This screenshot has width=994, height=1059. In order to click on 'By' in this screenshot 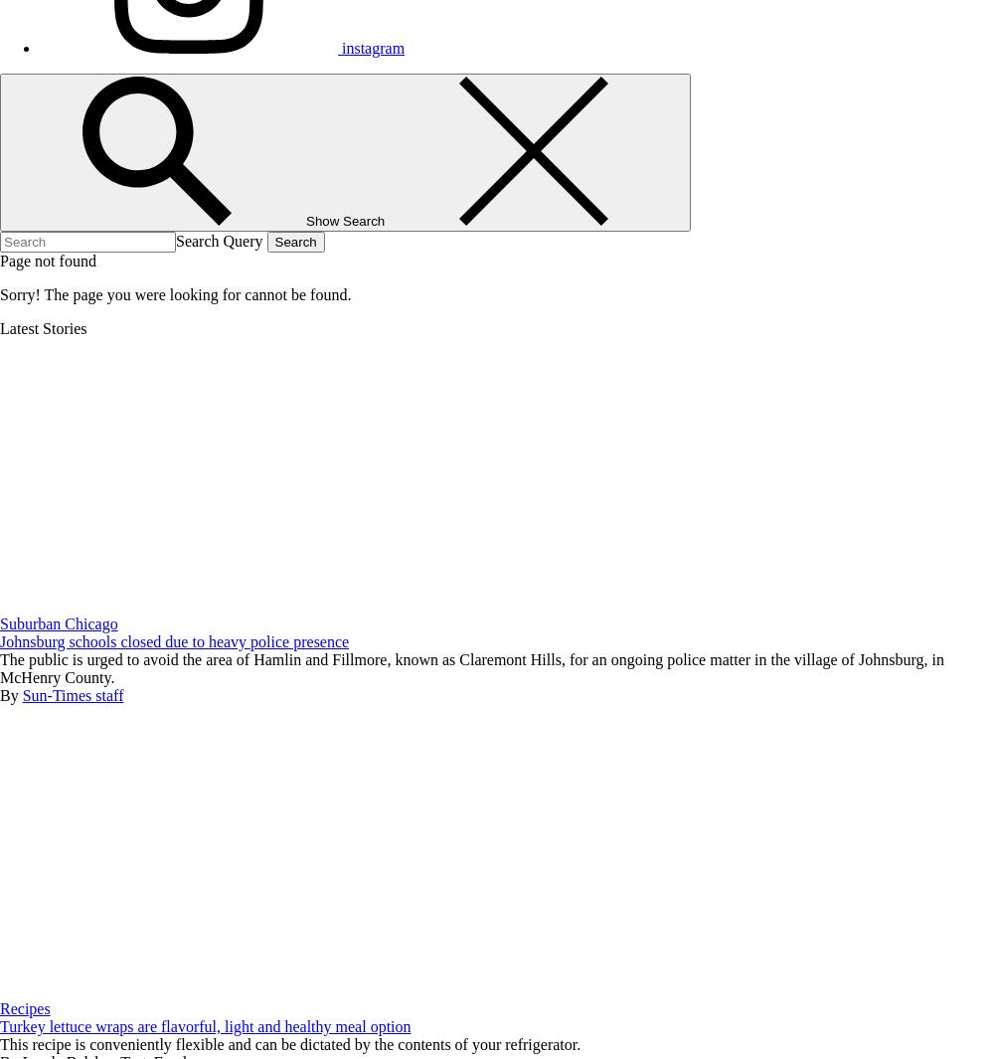, I will do `click(11, 695)`.